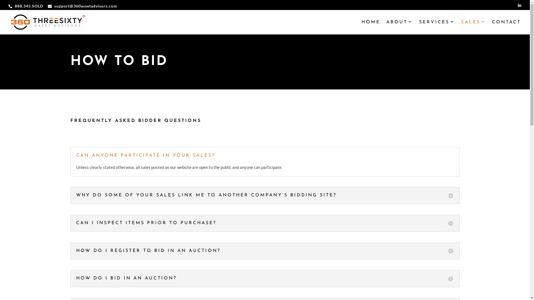  Describe the element at coordinates (506, 27) in the screenshot. I see `'CONTACT'` at that location.